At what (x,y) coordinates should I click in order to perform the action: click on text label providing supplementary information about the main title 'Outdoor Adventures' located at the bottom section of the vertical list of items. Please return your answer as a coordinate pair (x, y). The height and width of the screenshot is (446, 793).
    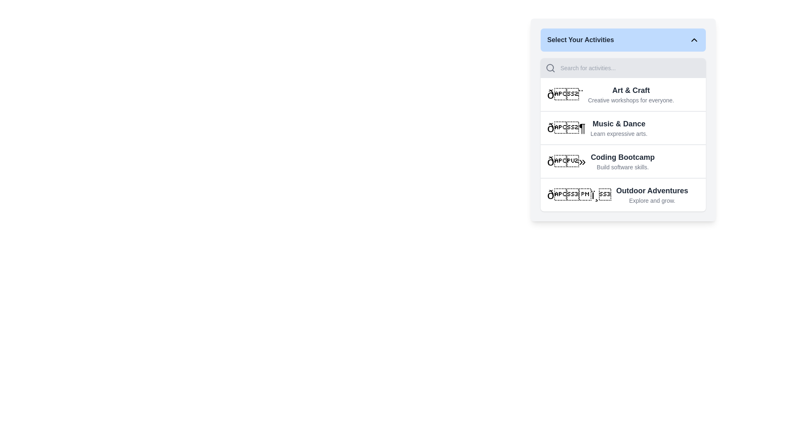
    Looking at the image, I should click on (652, 201).